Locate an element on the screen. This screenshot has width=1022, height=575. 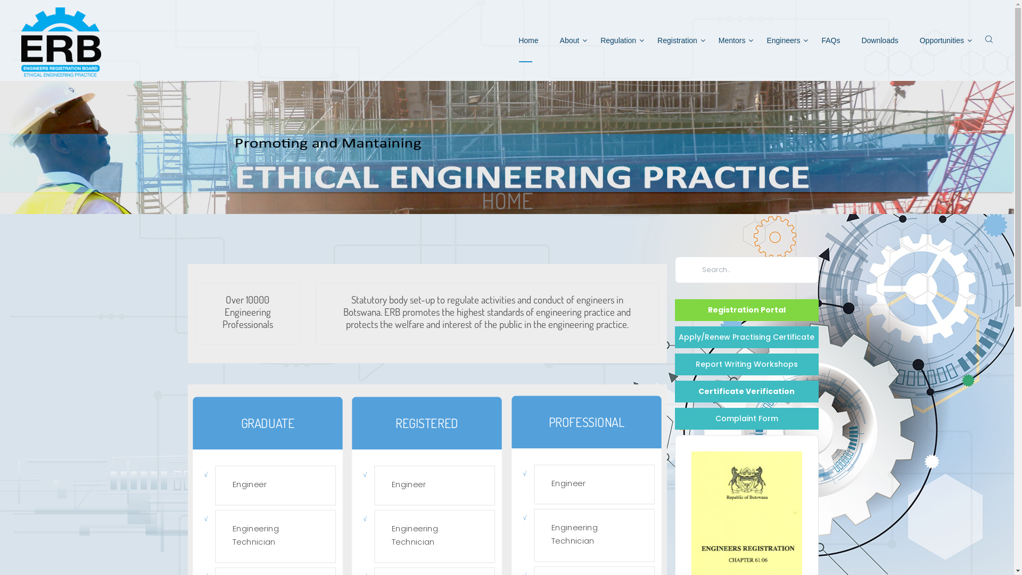
'Apply/Renew Practising Certificate' is located at coordinates (746, 337).